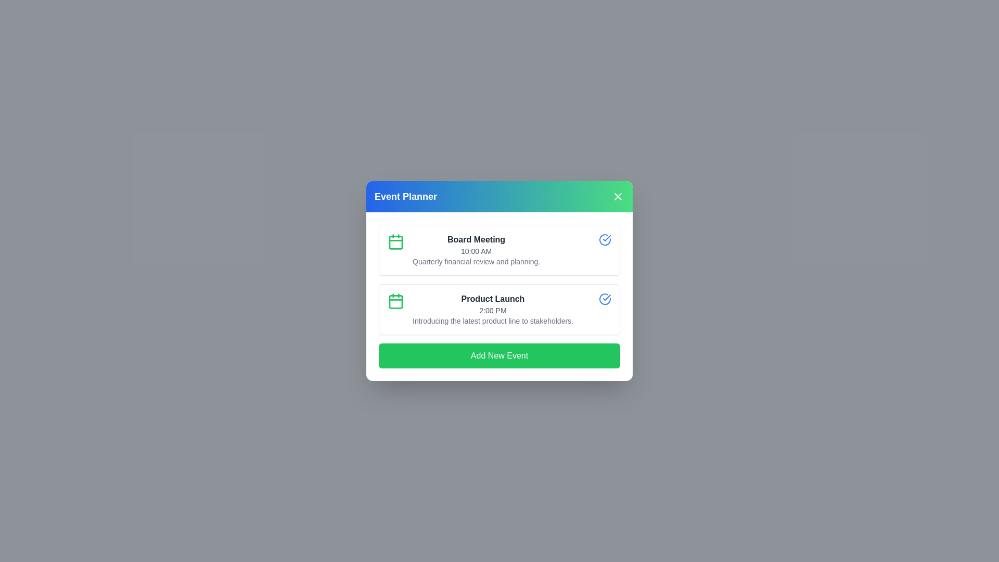  I want to click on the Display block containing the texts 'Board Meeting', '10:00 AM', and 'Quarterly financial review and planning' in the modal labeled 'Event Planner', so click(476, 250).